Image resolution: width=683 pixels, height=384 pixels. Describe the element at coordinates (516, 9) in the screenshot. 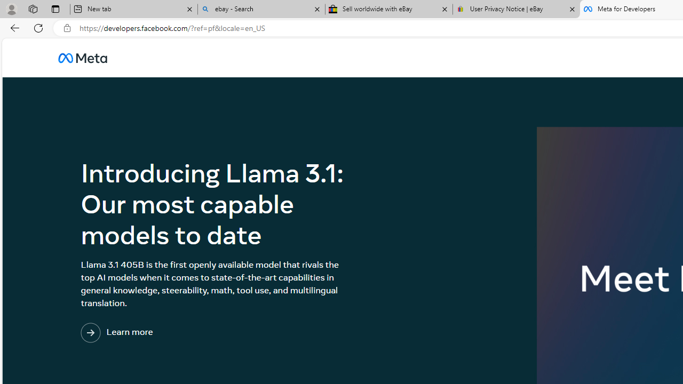

I see `'User Privacy Notice | eBay'` at that location.